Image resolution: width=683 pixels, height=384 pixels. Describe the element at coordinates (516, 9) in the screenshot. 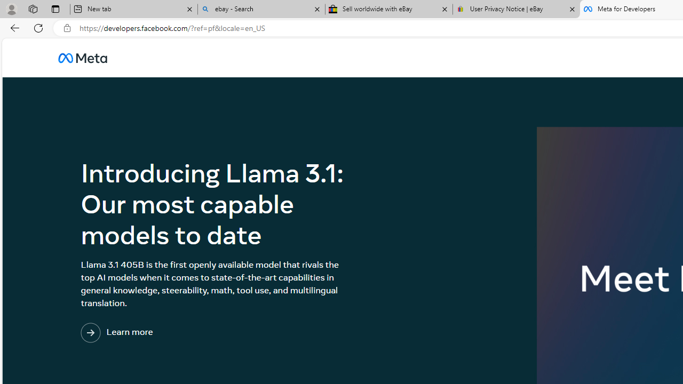

I see `'User Privacy Notice | eBay'` at that location.